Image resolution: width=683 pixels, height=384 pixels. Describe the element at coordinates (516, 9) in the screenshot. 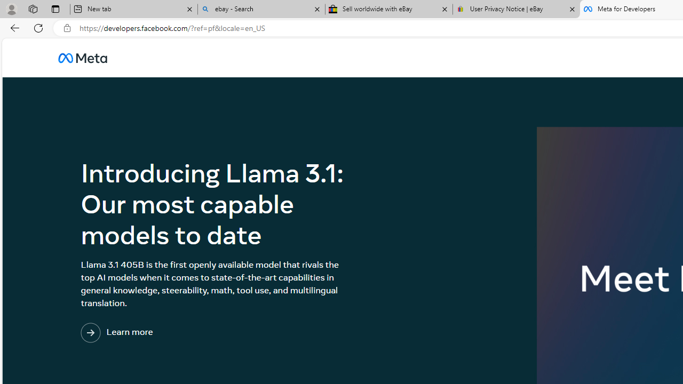

I see `'User Privacy Notice | eBay'` at that location.